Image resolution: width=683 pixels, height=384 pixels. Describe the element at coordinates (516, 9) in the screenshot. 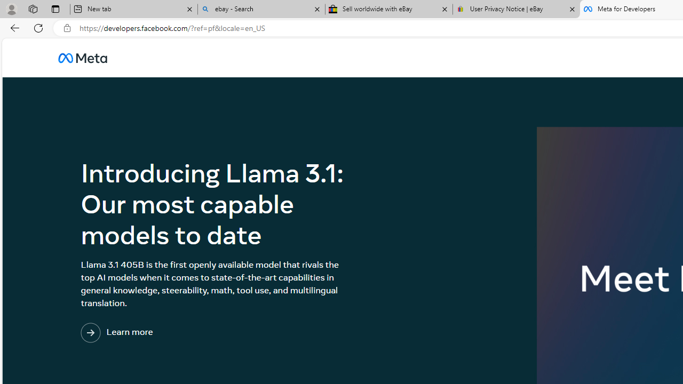

I see `'User Privacy Notice | eBay'` at that location.